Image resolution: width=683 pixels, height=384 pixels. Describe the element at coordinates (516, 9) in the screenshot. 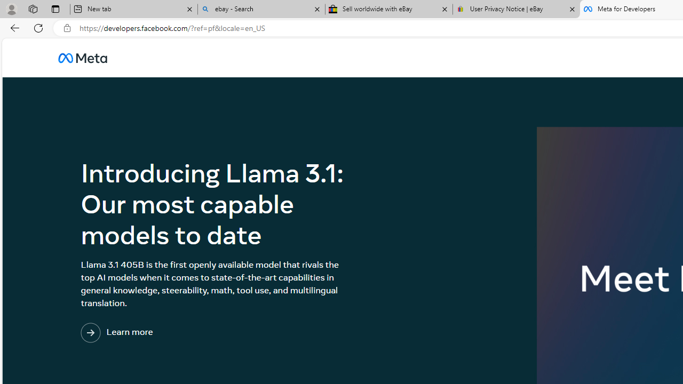

I see `'User Privacy Notice | eBay'` at that location.